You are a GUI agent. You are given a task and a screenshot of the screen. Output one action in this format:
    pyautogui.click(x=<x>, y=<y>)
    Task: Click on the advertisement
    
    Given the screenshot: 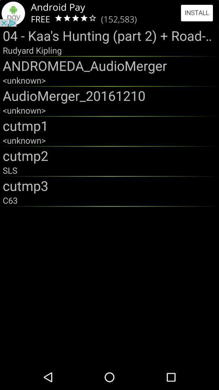 What is the action you would take?
    pyautogui.click(x=109, y=13)
    